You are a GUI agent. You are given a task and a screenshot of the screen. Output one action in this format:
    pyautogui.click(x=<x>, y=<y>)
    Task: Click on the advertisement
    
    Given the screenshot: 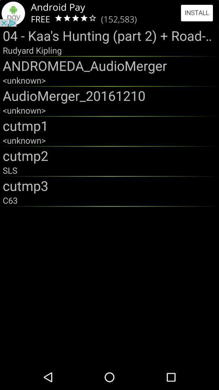 What is the action you would take?
    pyautogui.click(x=109, y=13)
    